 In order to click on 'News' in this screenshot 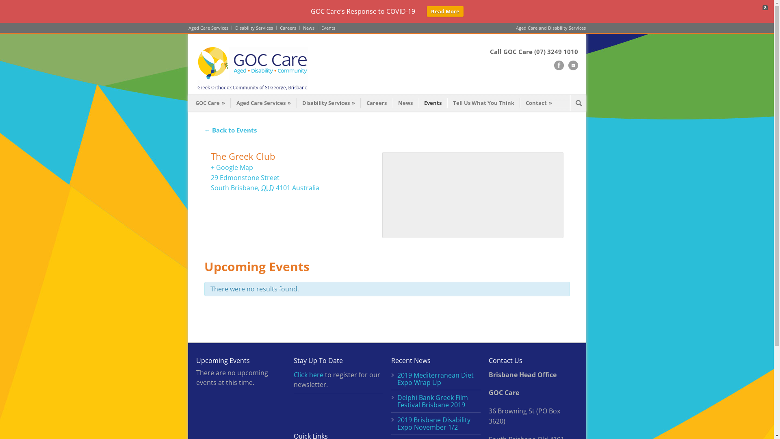, I will do `click(405, 102)`.